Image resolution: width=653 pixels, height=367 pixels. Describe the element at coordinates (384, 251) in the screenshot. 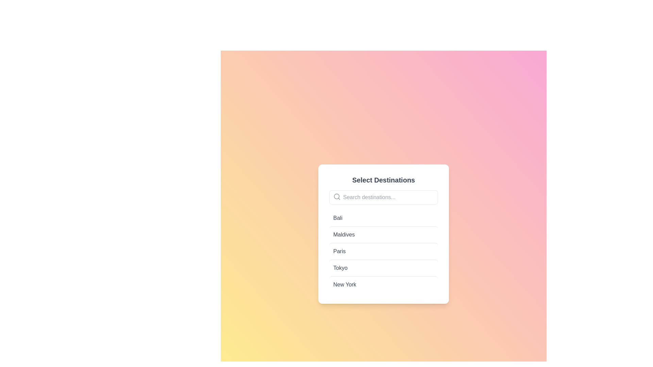

I see `the selectable option labeled 'Paris' in the list of destinations` at that location.